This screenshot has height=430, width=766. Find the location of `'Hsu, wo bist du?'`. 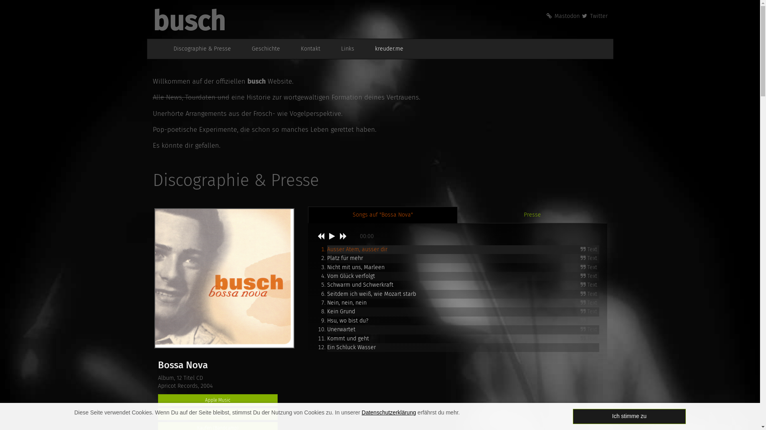

'Hsu, wo bist du?' is located at coordinates (347, 320).